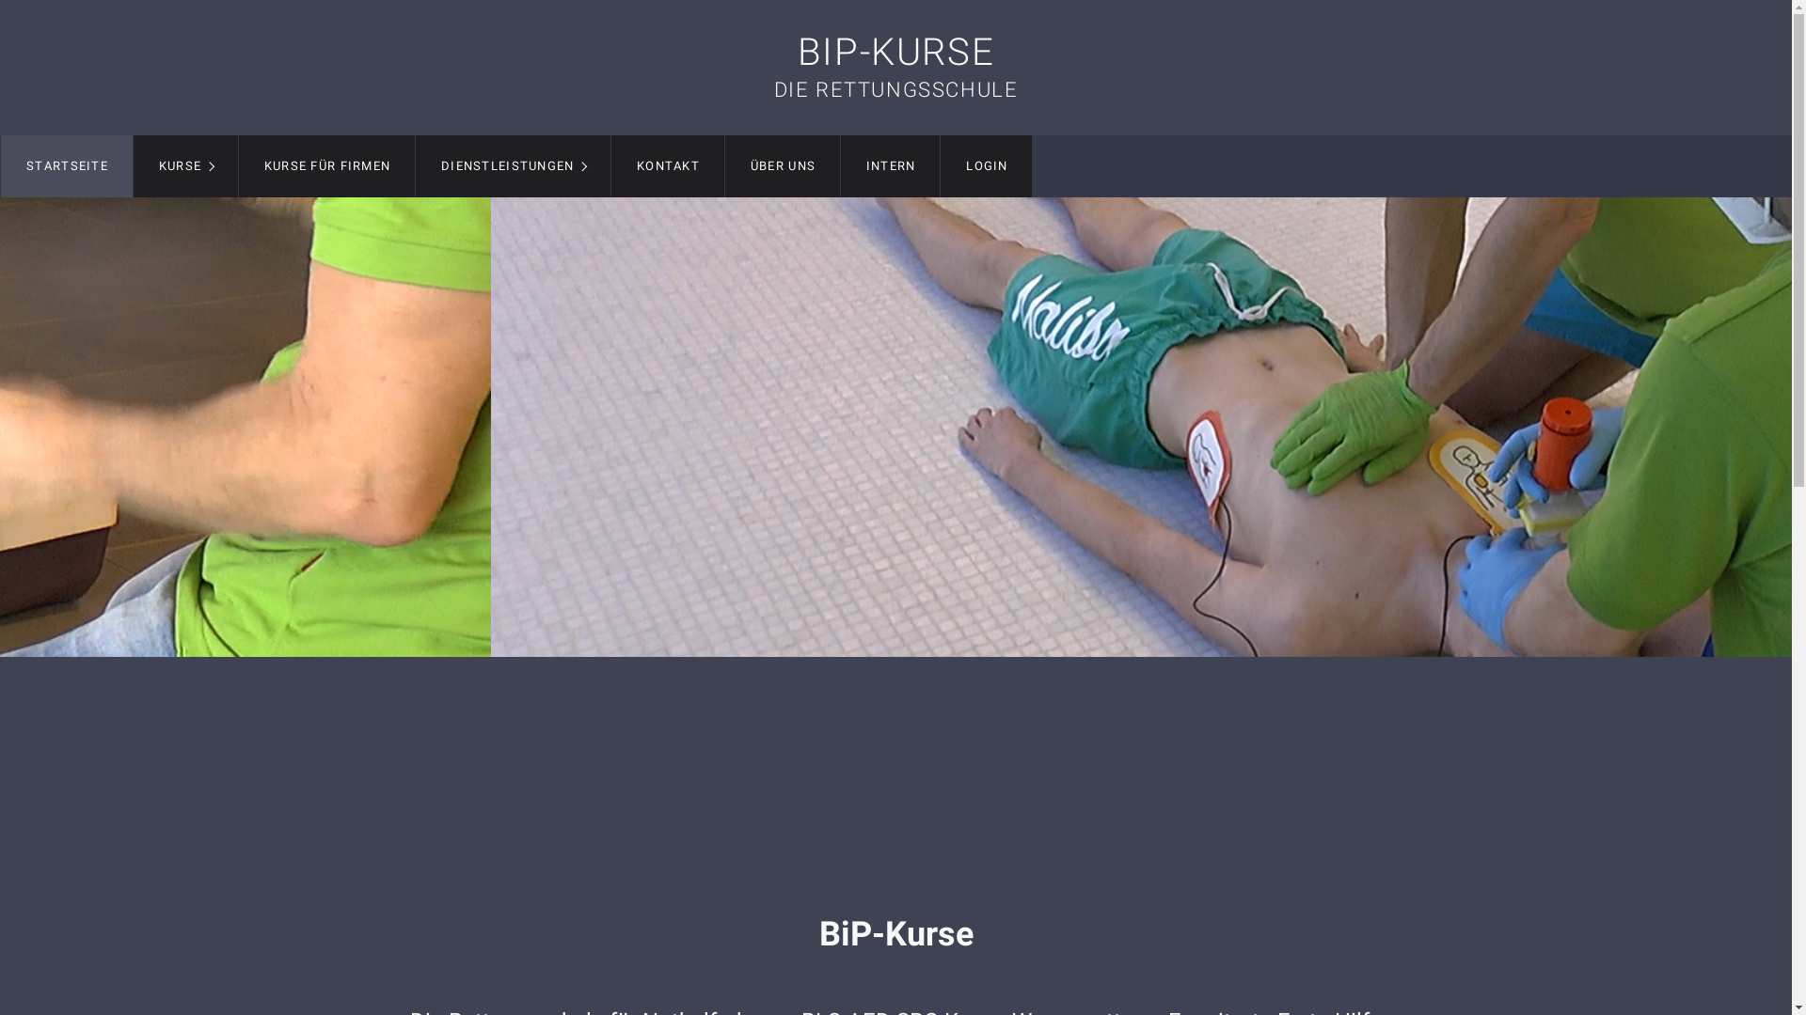  What do you see at coordinates (185, 165) in the screenshot?
I see `'KURSE'` at bounding box center [185, 165].